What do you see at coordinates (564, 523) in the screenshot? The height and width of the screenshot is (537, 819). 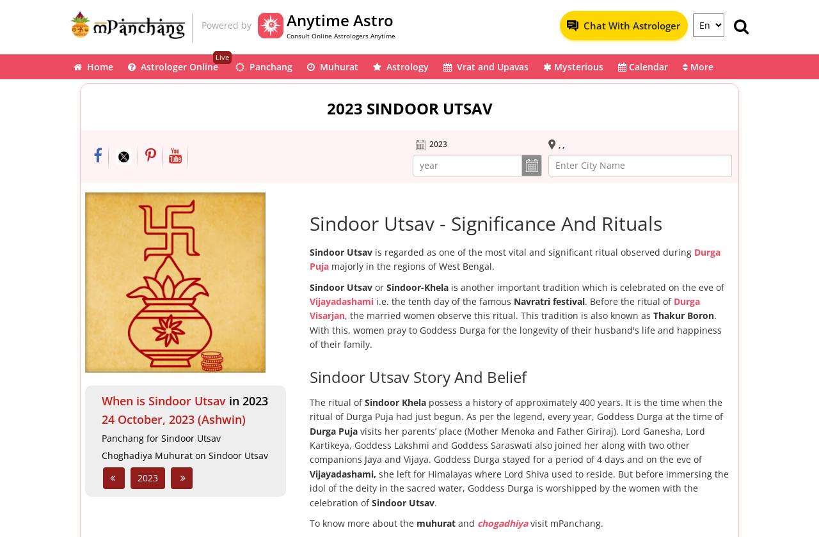 I see `'visit mPanchang.'` at bounding box center [564, 523].